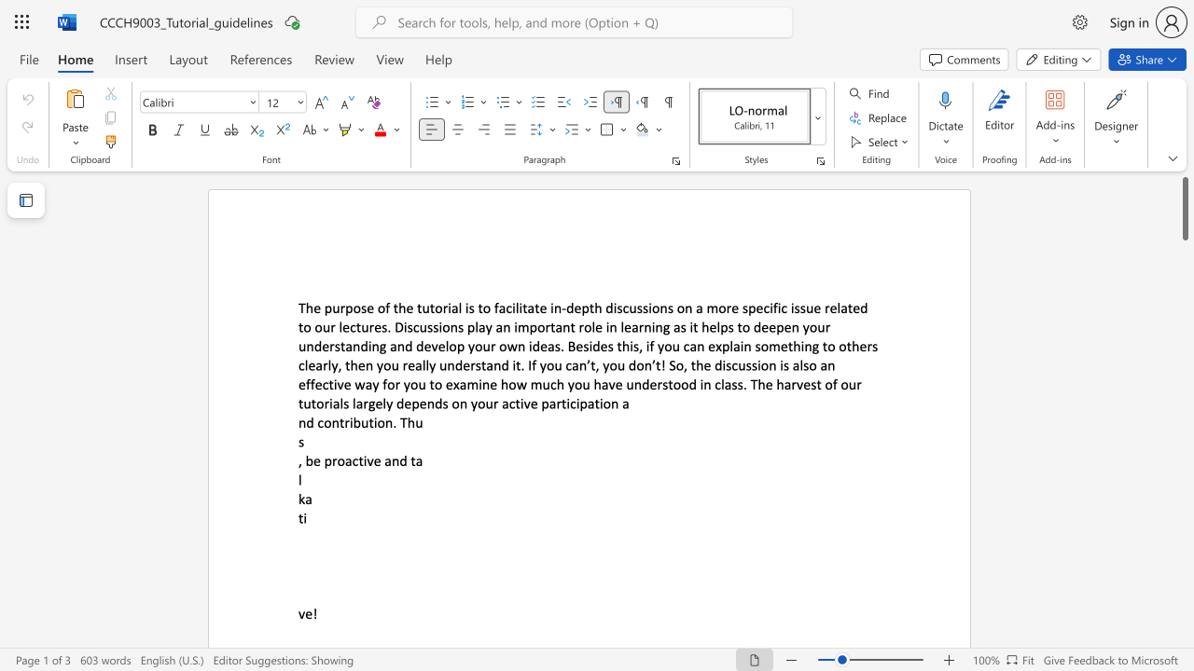  What do you see at coordinates (1184, 296) in the screenshot?
I see `the scrollbar to slide the page down` at bounding box center [1184, 296].